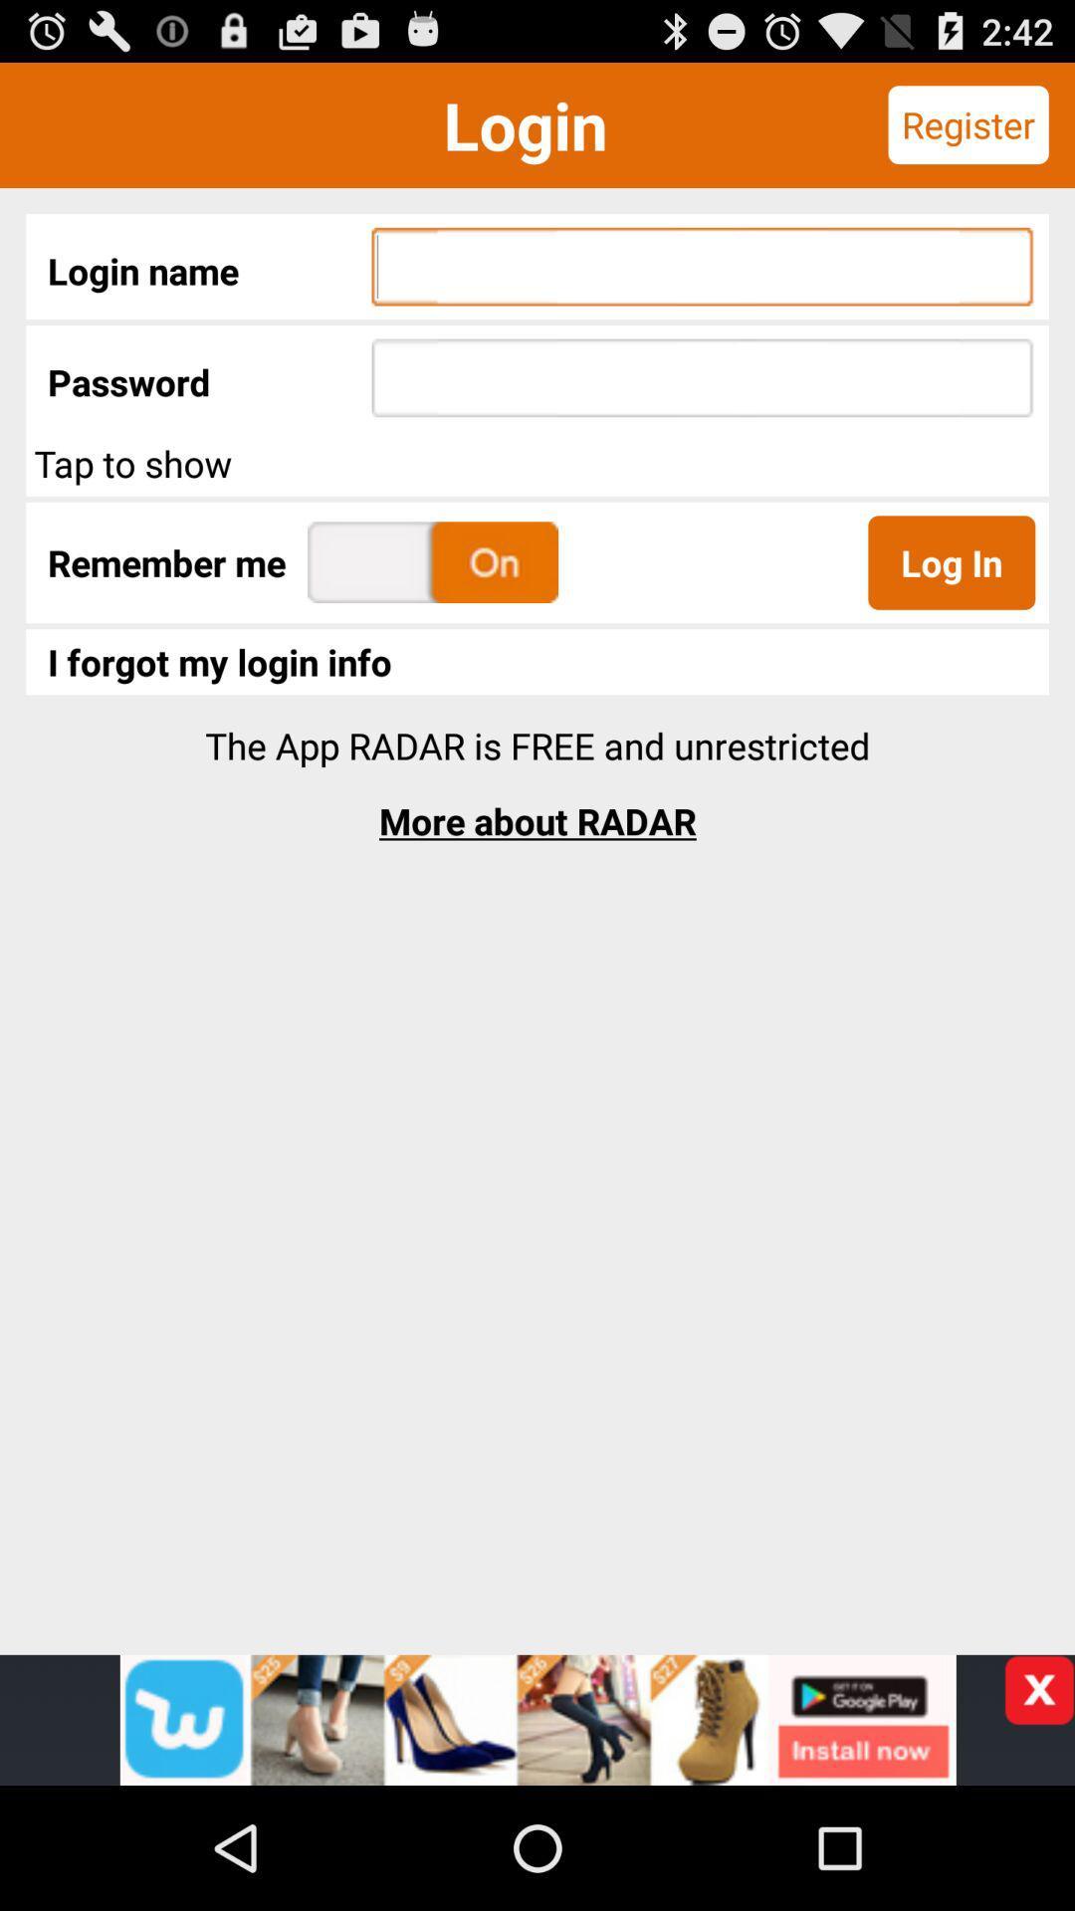  I want to click on the first text field on the web page, so click(702, 266).